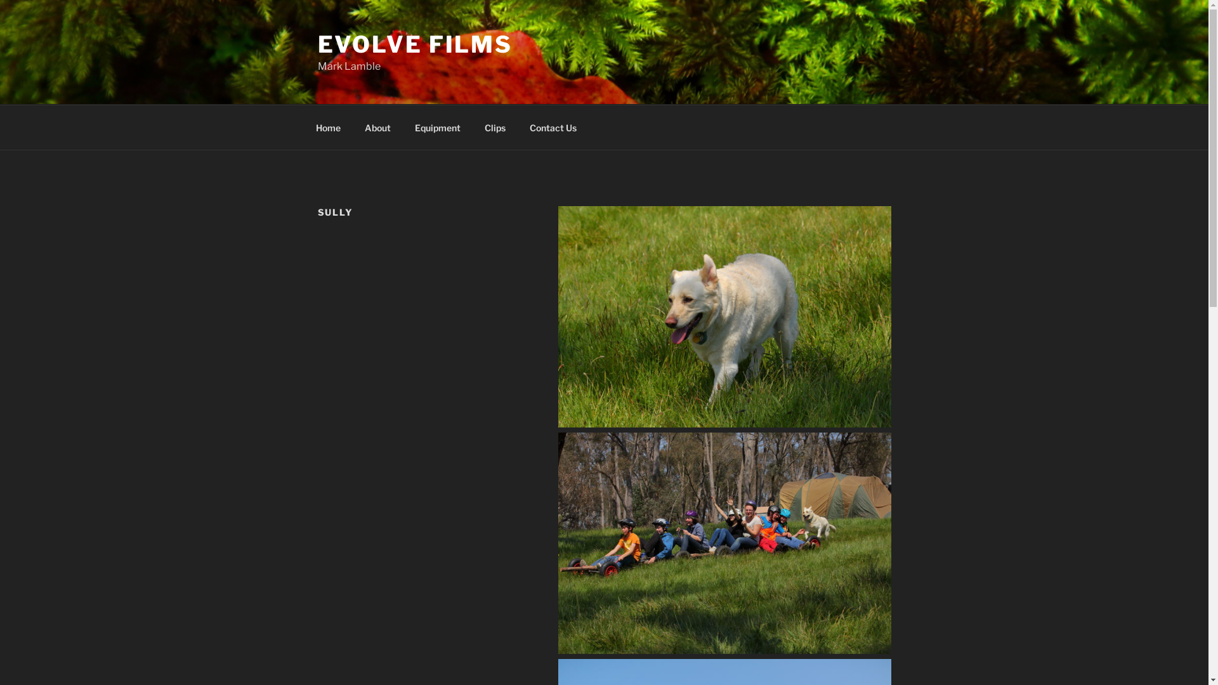  What do you see at coordinates (553, 127) in the screenshot?
I see `'Contact Us'` at bounding box center [553, 127].